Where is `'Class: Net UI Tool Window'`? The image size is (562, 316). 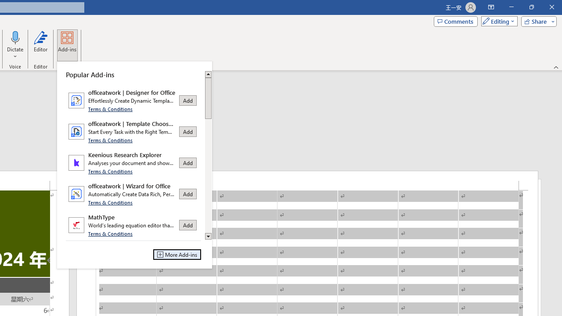
'Class: Net UI Tool Window' is located at coordinates (134, 165).